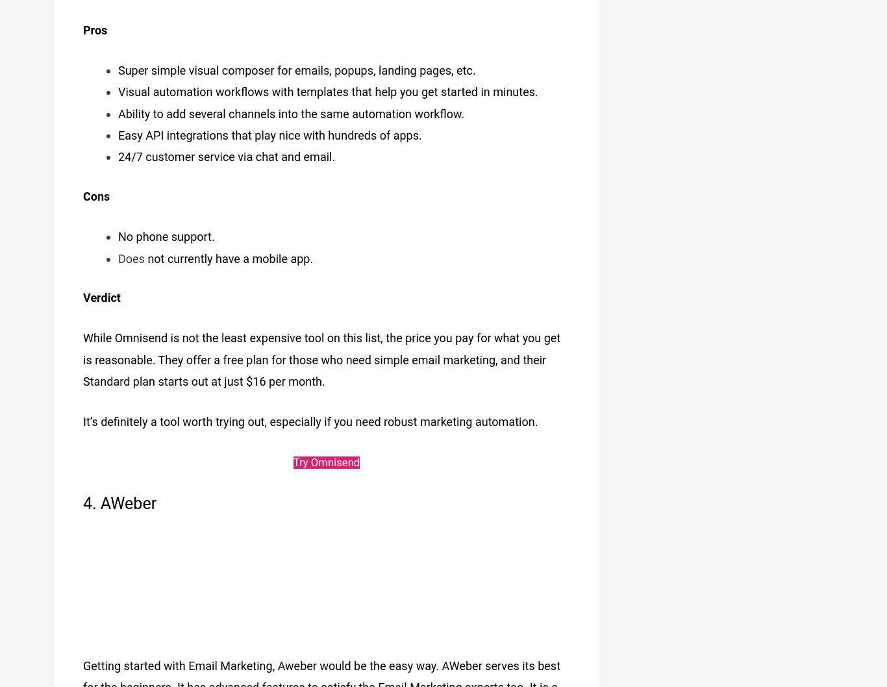  Describe the element at coordinates (328, 86) in the screenshot. I see `'Visual automation workflows with templates that help you get started in minutes.'` at that location.